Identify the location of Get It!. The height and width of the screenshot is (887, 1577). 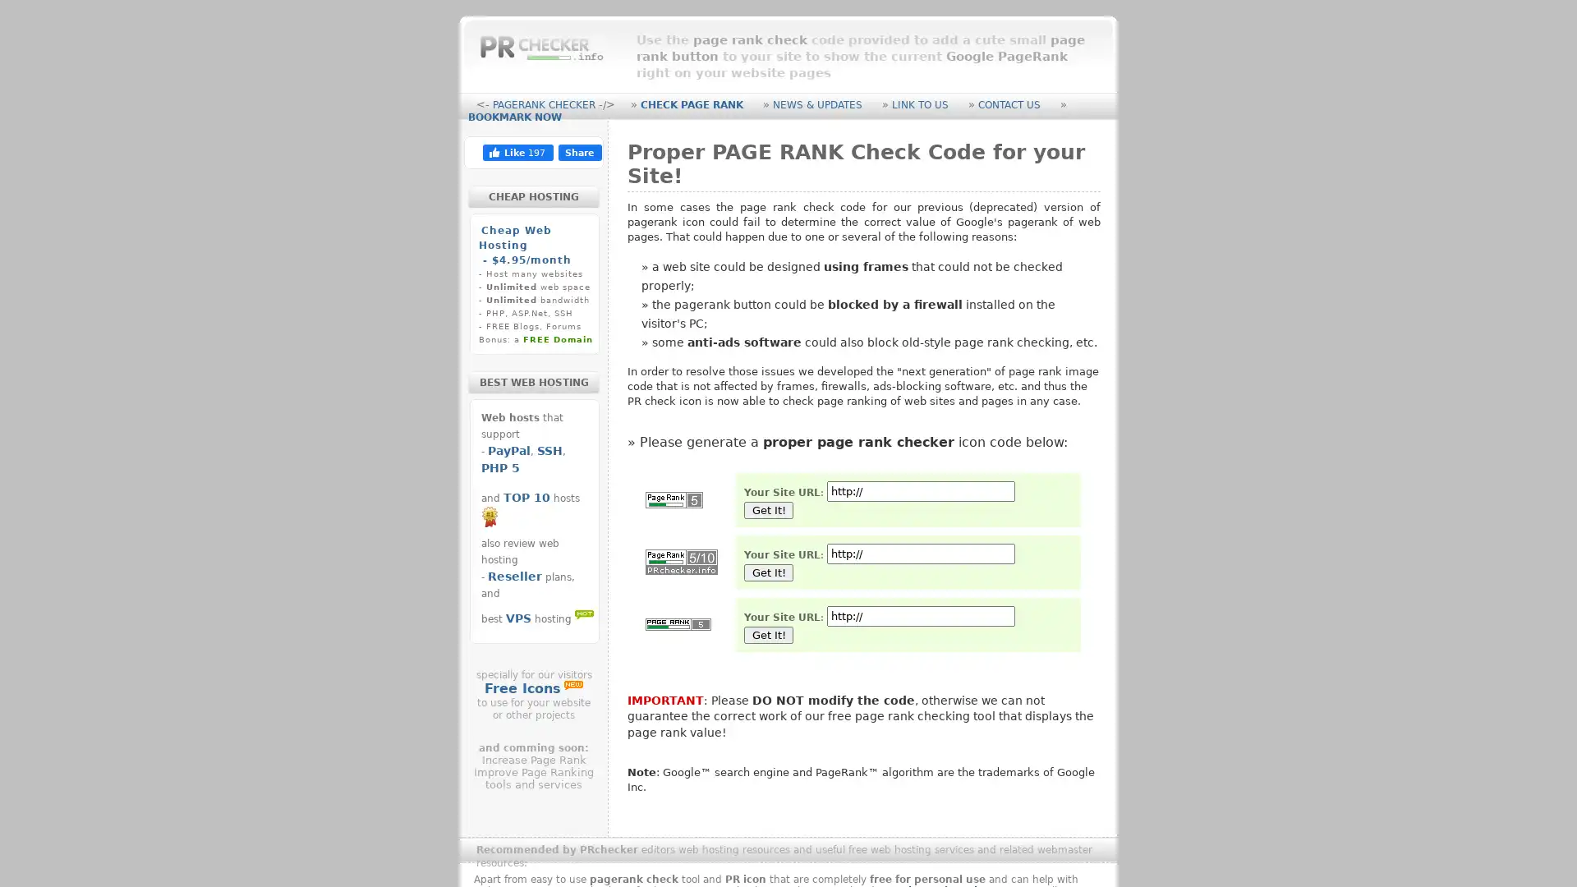
(768, 571).